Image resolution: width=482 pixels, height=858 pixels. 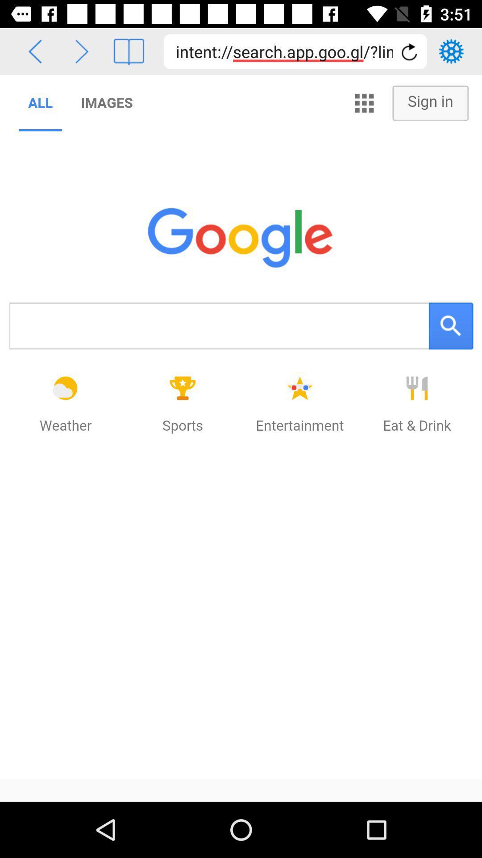 What do you see at coordinates (451, 51) in the screenshot?
I see `options` at bounding box center [451, 51].